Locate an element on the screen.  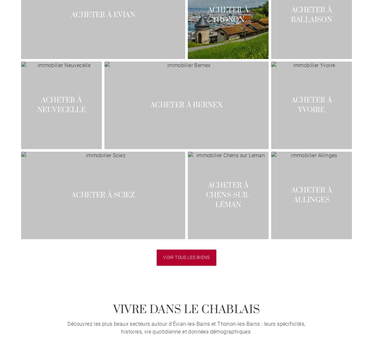
'Acheter à Bernex' is located at coordinates (186, 105).